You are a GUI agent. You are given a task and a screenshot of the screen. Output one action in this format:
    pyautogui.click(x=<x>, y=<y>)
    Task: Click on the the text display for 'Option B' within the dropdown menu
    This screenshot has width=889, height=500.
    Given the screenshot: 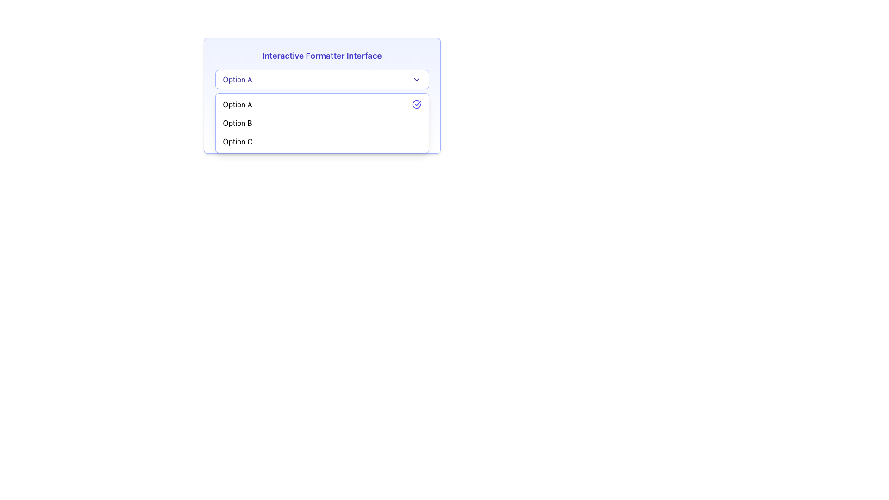 What is the action you would take?
    pyautogui.click(x=238, y=123)
    